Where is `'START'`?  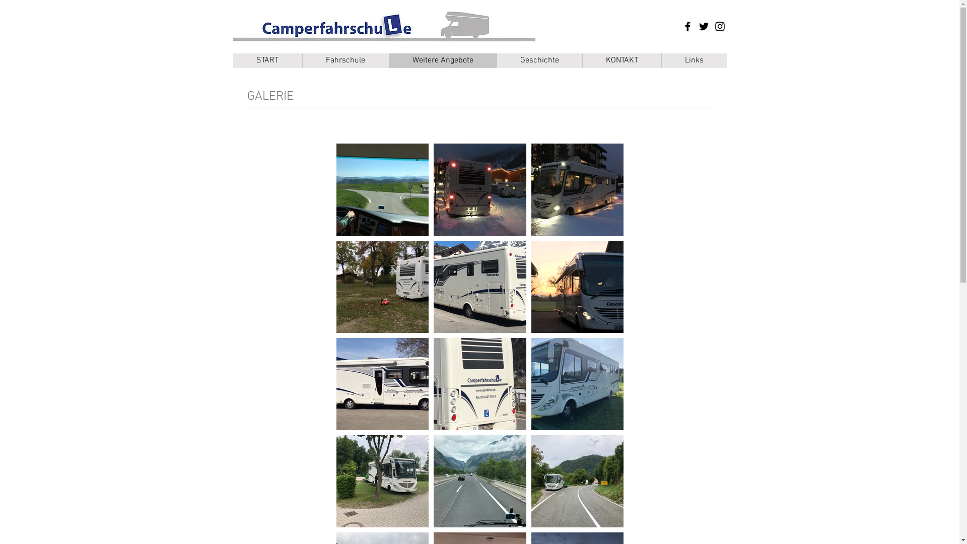 'START' is located at coordinates (267, 60).